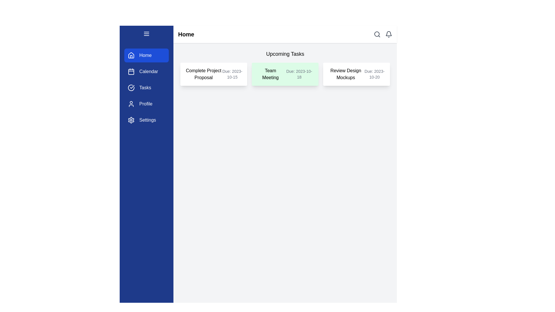 The height and width of the screenshot is (312, 555). What do you see at coordinates (346, 74) in the screenshot?
I see `the text label in the rightmost task card of the 'Upcoming Tasks' section` at bounding box center [346, 74].